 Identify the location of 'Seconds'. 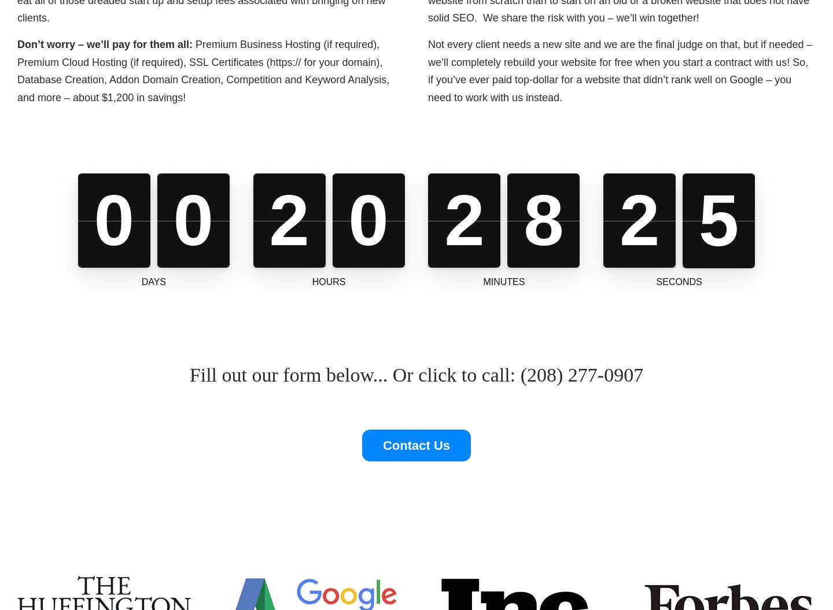
(679, 282).